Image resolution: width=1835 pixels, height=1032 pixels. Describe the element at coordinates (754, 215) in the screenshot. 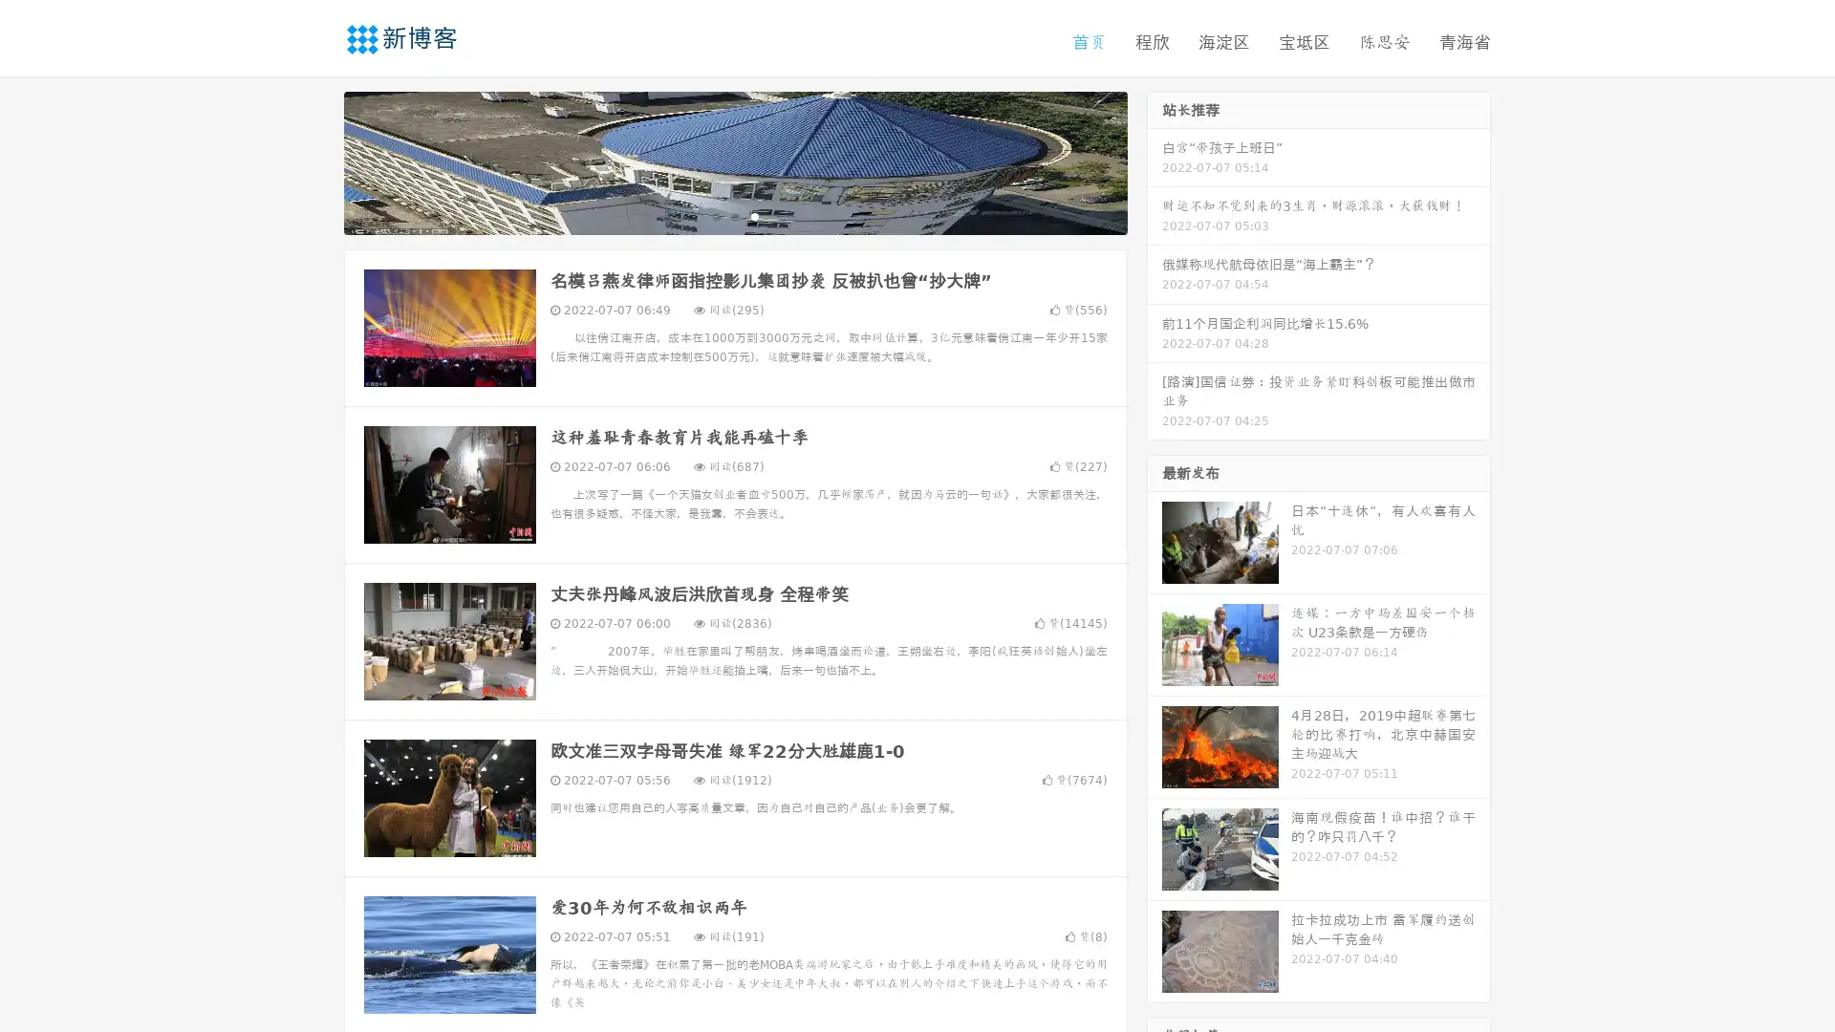

I see `Go to slide 3` at that location.